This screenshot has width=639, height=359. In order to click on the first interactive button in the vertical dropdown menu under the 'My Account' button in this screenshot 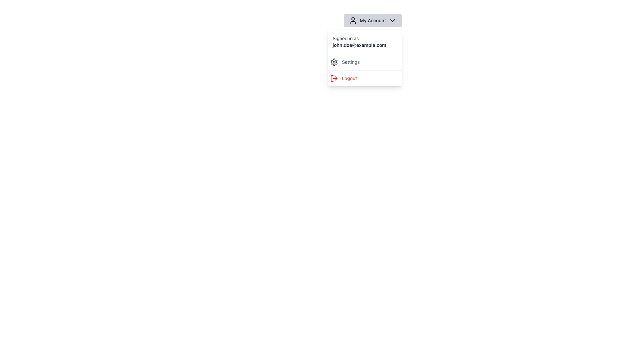, I will do `click(364, 62)`.